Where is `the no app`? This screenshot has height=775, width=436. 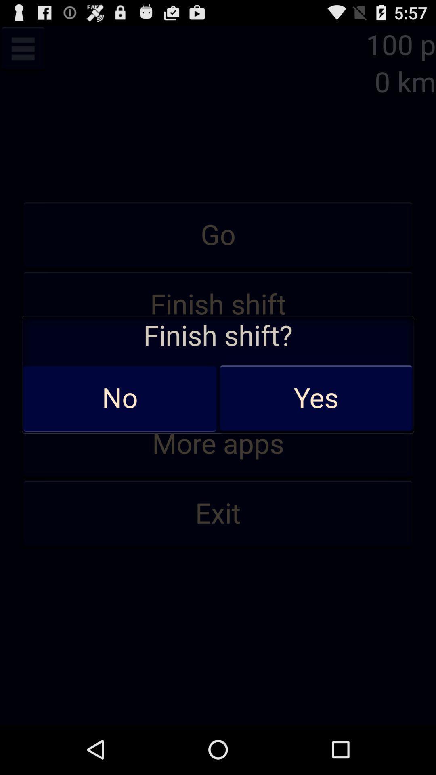
the no app is located at coordinates (120, 398).